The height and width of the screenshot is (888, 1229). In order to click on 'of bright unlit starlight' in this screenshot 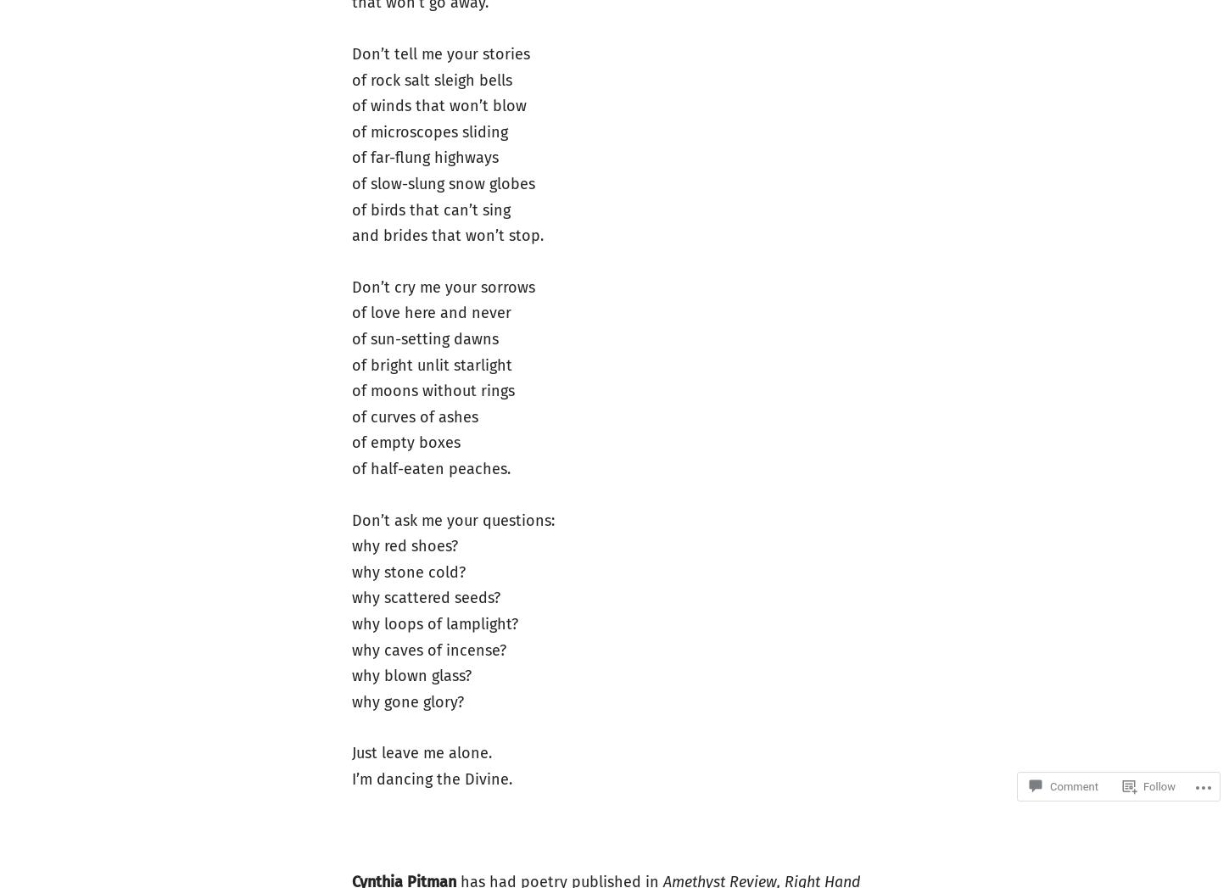, I will do `click(349, 365)`.